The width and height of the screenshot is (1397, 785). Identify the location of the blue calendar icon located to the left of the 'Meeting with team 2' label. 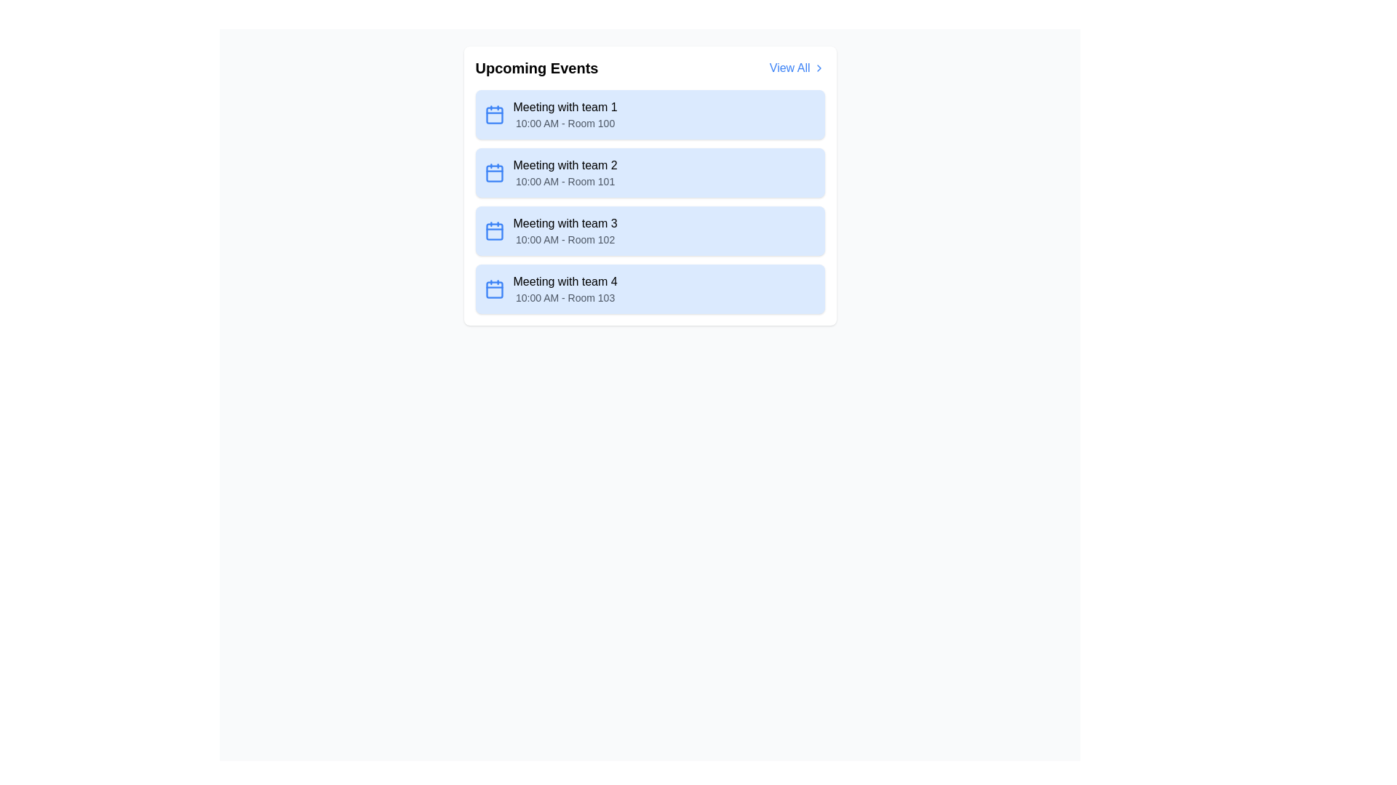
(494, 172).